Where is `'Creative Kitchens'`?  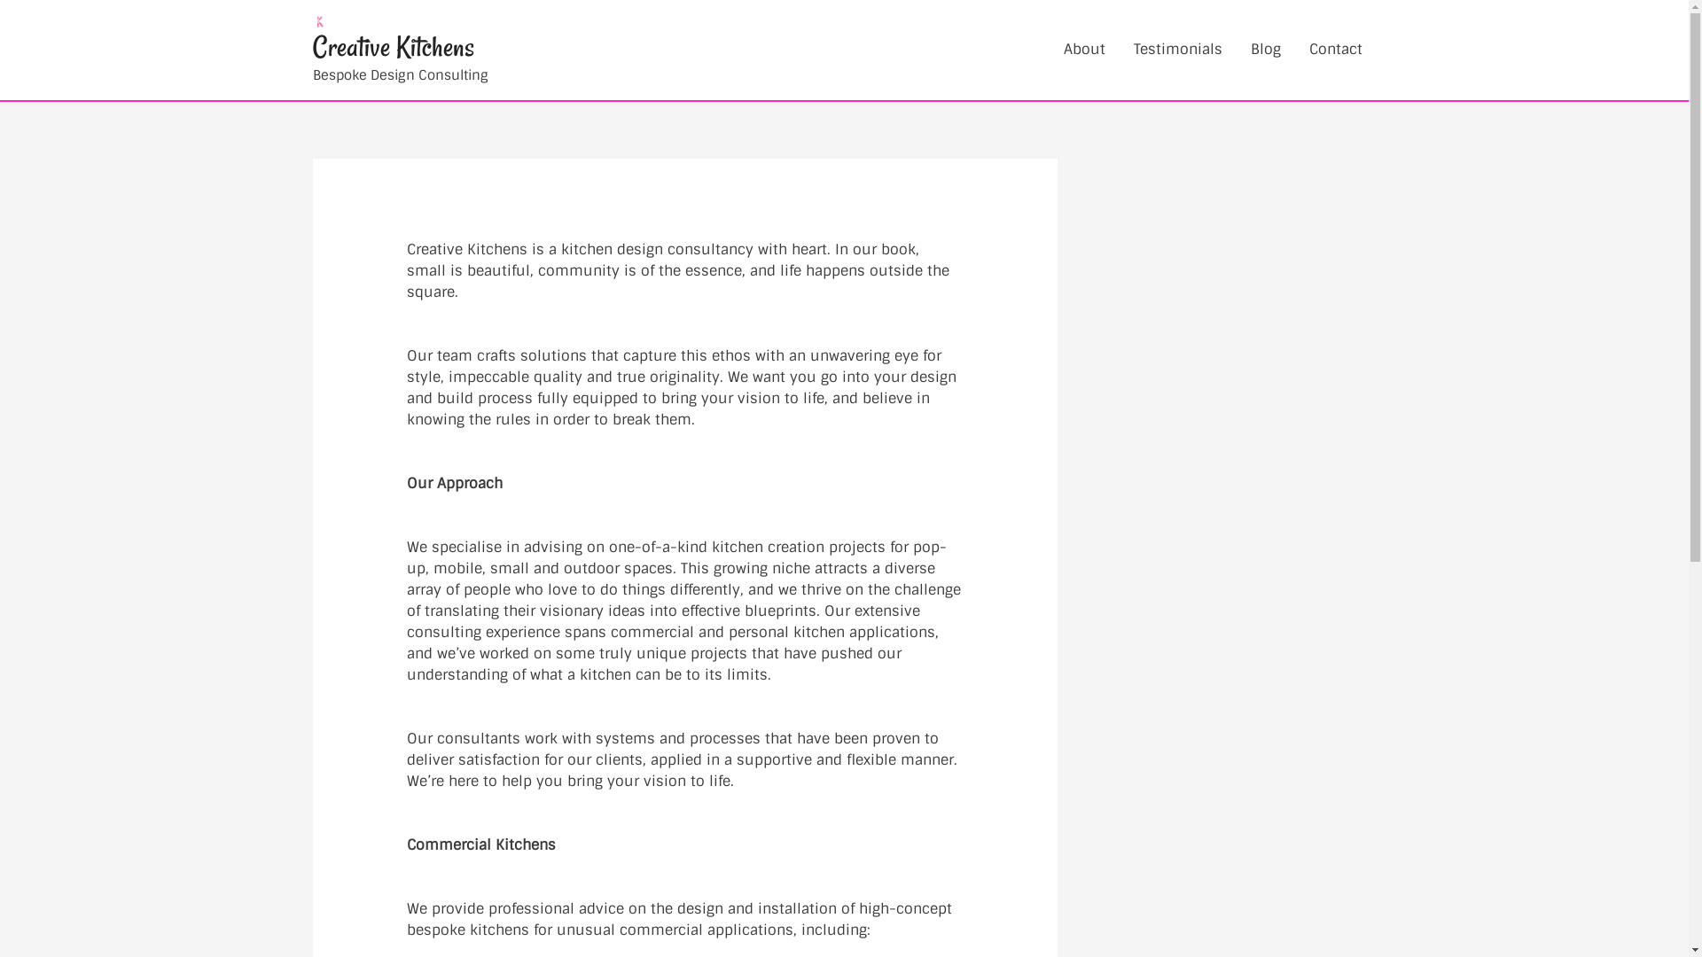
'Creative Kitchens' is located at coordinates (391, 46).